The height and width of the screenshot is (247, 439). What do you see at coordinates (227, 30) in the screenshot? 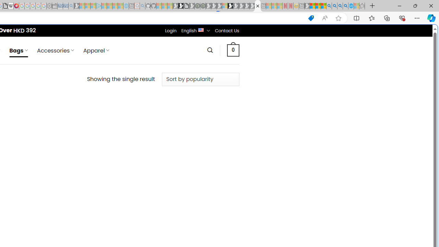
I see `'Contact Us'` at bounding box center [227, 30].